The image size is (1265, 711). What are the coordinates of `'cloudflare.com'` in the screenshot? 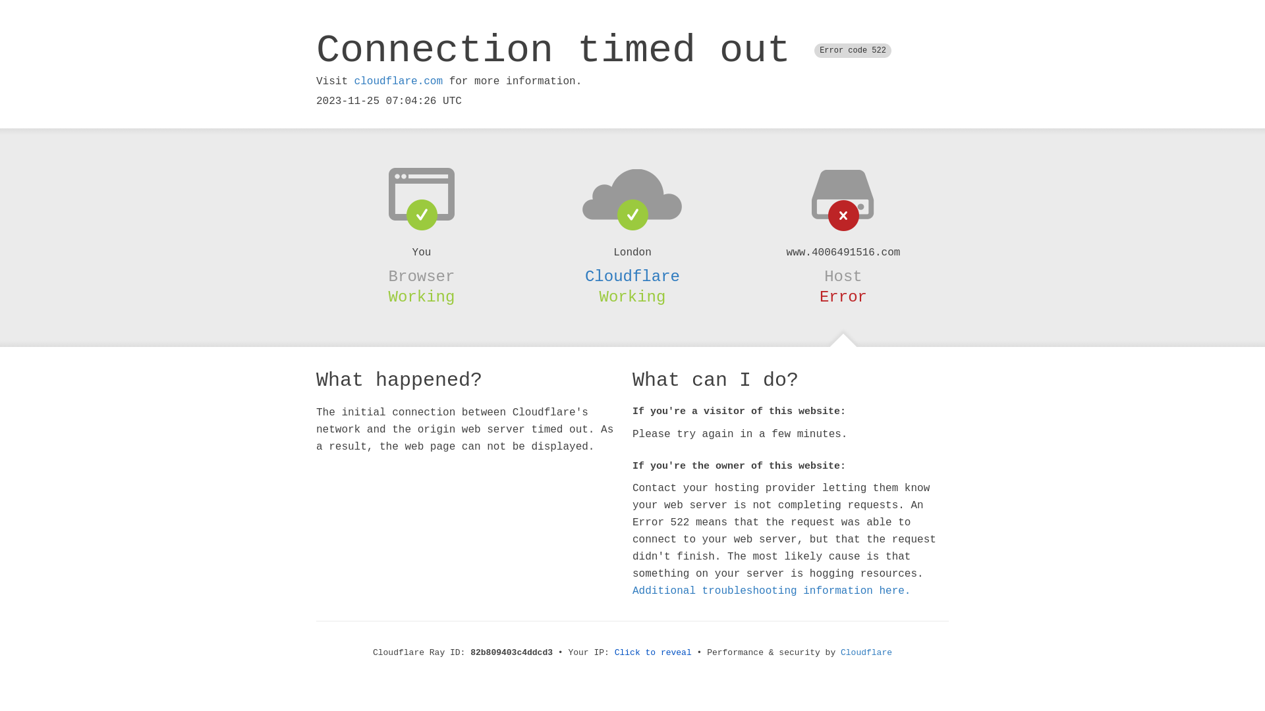 It's located at (397, 81).